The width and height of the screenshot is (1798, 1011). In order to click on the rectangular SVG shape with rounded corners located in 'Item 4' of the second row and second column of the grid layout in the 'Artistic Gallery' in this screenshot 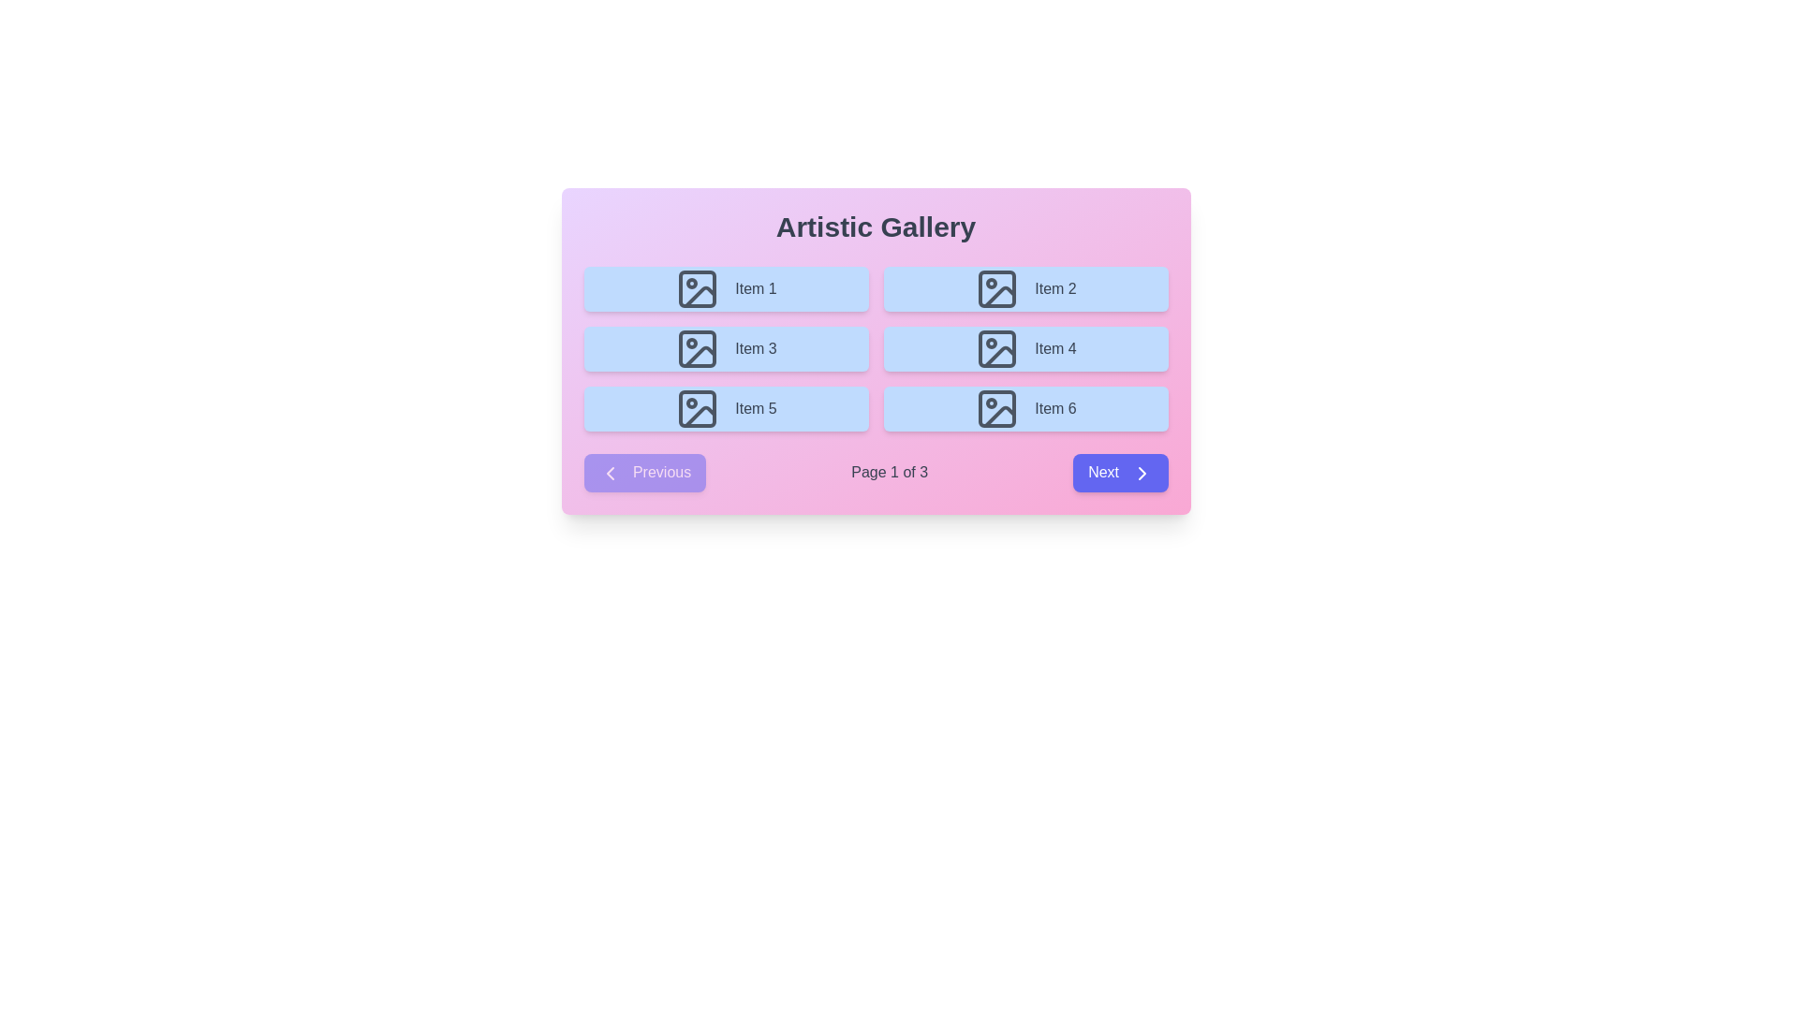, I will do `click(996, 349)`.